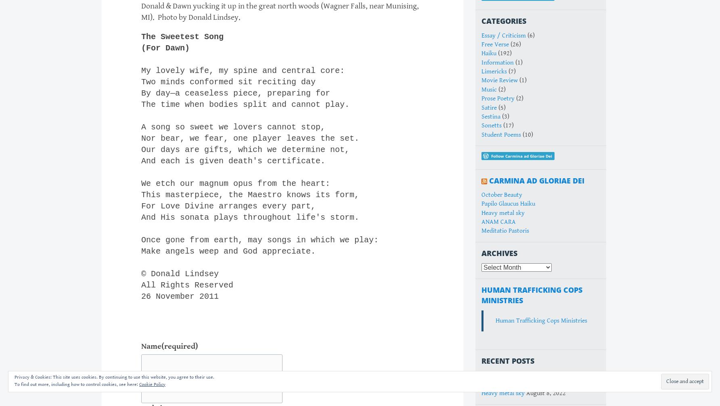  I want to click on 'August 6, 2023', so click(557, 383).